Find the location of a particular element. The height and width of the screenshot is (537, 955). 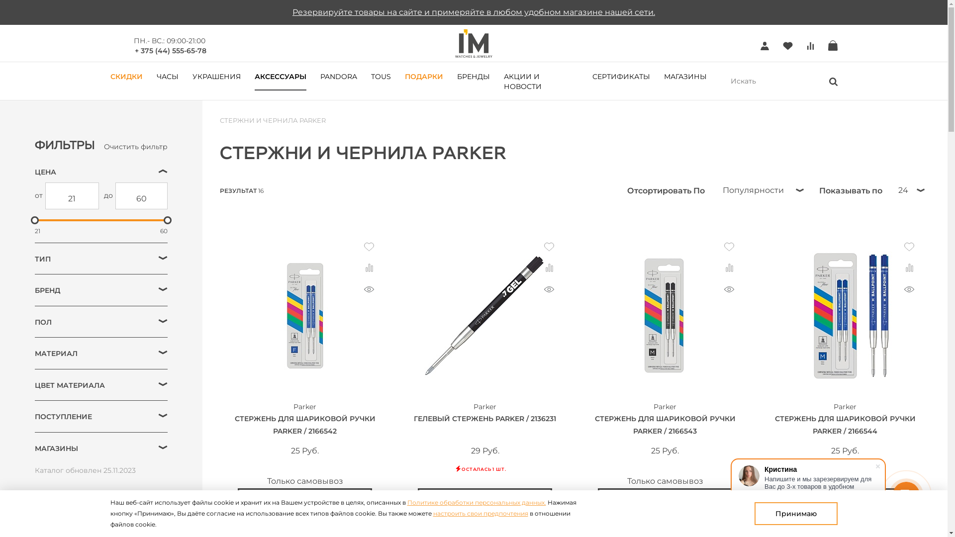

'PANDORA' is located at coordinates (339, 76).